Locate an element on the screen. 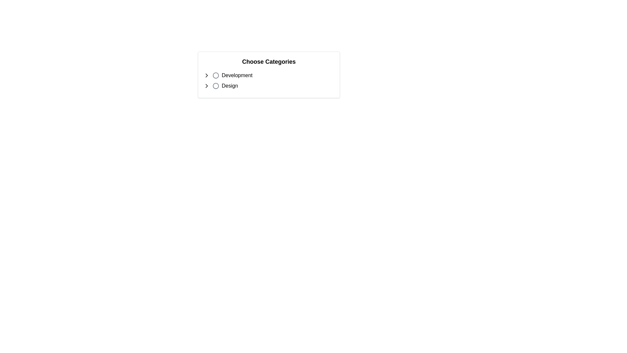  the 'Choose Categories' text header, which is a prominent title in bold font at the top of a white rectangular card is located at coordinates (269, 62).